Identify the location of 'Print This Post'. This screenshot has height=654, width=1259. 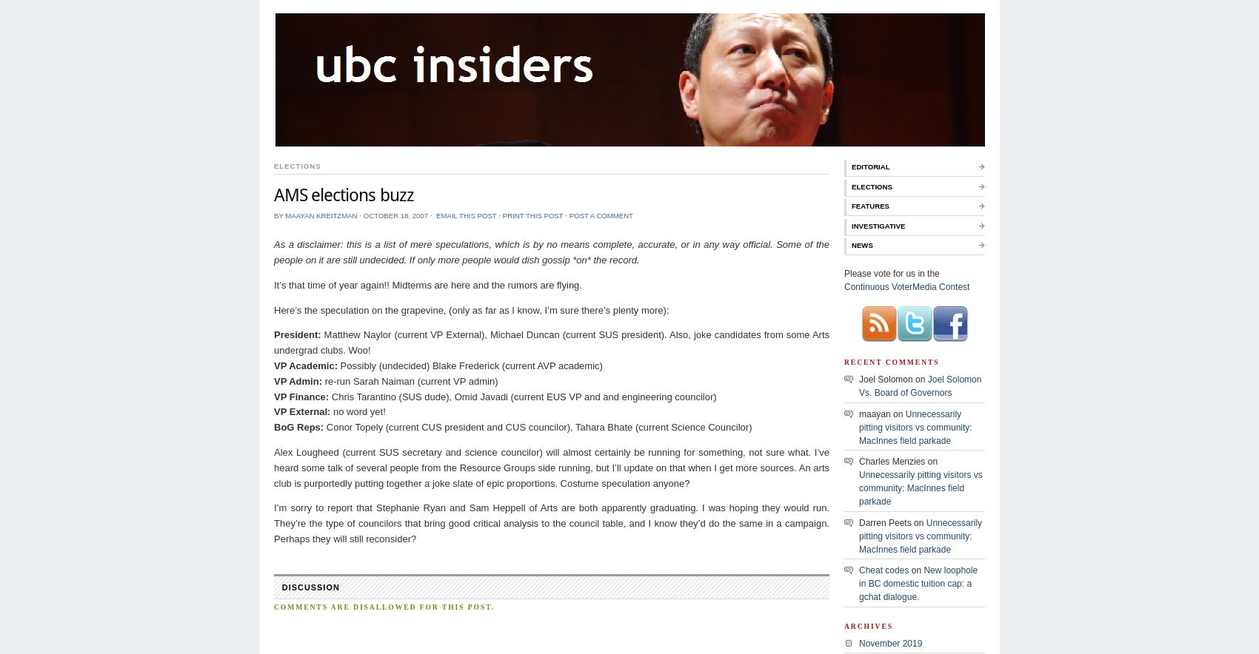
(532, 214).